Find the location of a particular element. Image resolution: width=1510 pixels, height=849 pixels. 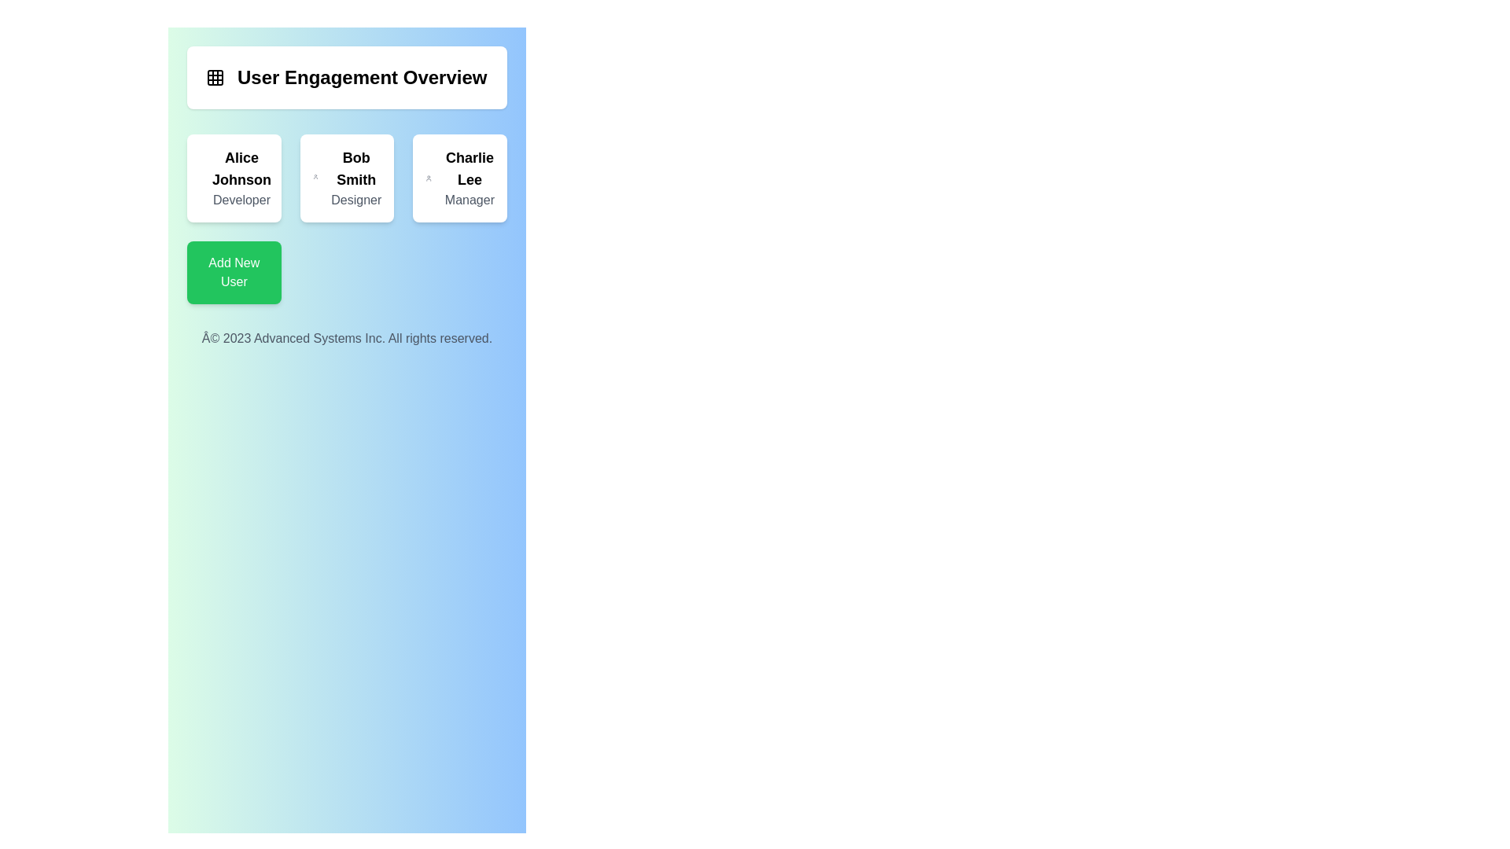

the 'Designer' text label element styled in grey color, which is located below the name 'Bob Smith' within a card layout is located at coordinates (355, 199).